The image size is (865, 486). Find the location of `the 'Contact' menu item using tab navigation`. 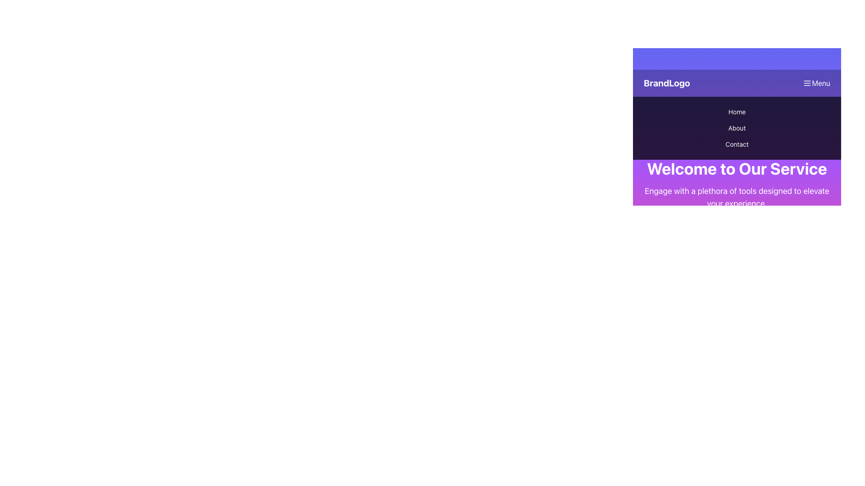

the 'Contact' menu item using tab navigation is located at coordinates (737, 144).